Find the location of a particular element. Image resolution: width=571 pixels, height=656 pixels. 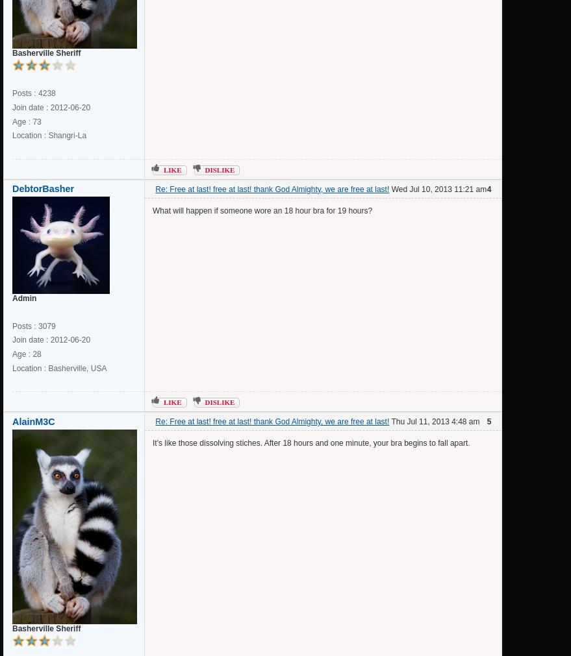

'What will happen if someone wore an 18 hour bra for 19 hours?' is located at coordinates (261, 210).